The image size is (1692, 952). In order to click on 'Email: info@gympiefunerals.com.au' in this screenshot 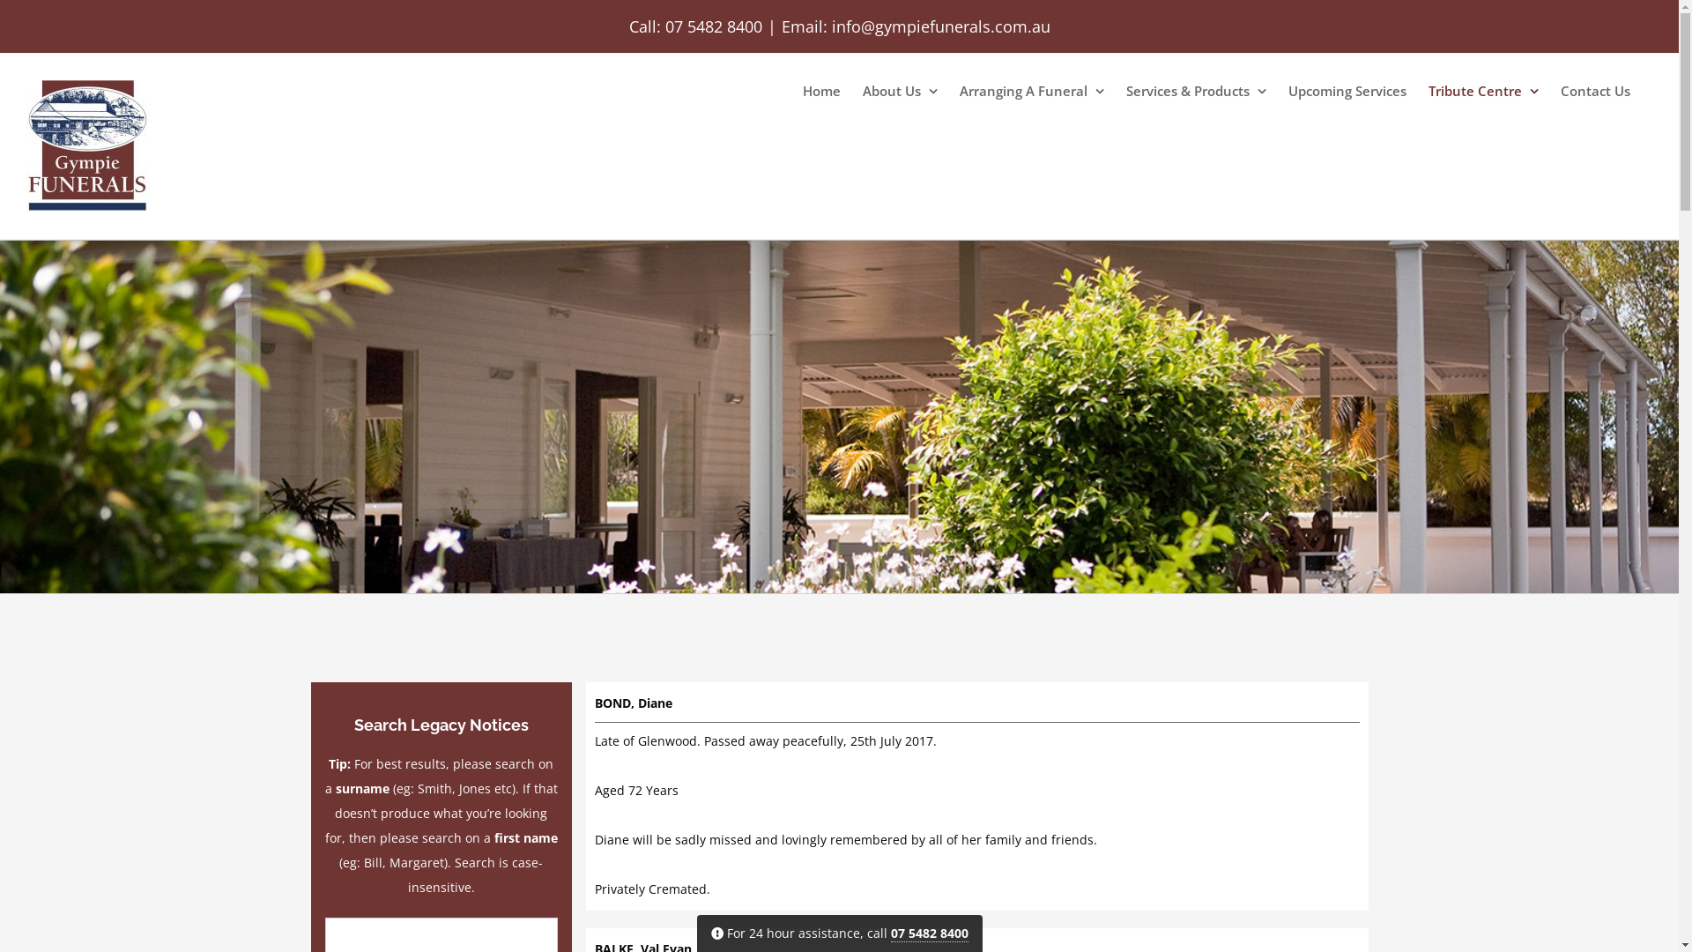, I will do `click(915, 26)`.